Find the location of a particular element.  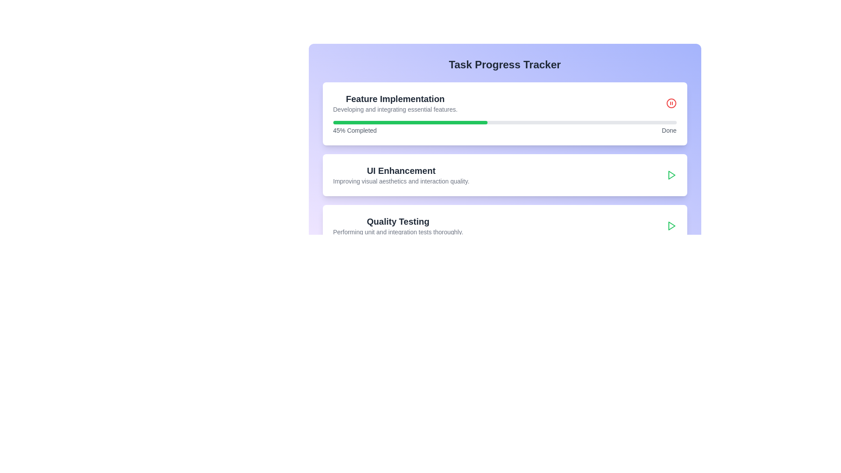

the Progress Indicator in the 'Feature Implementation' section that visually represents task completion percentage is located at coordinates (410, 123).